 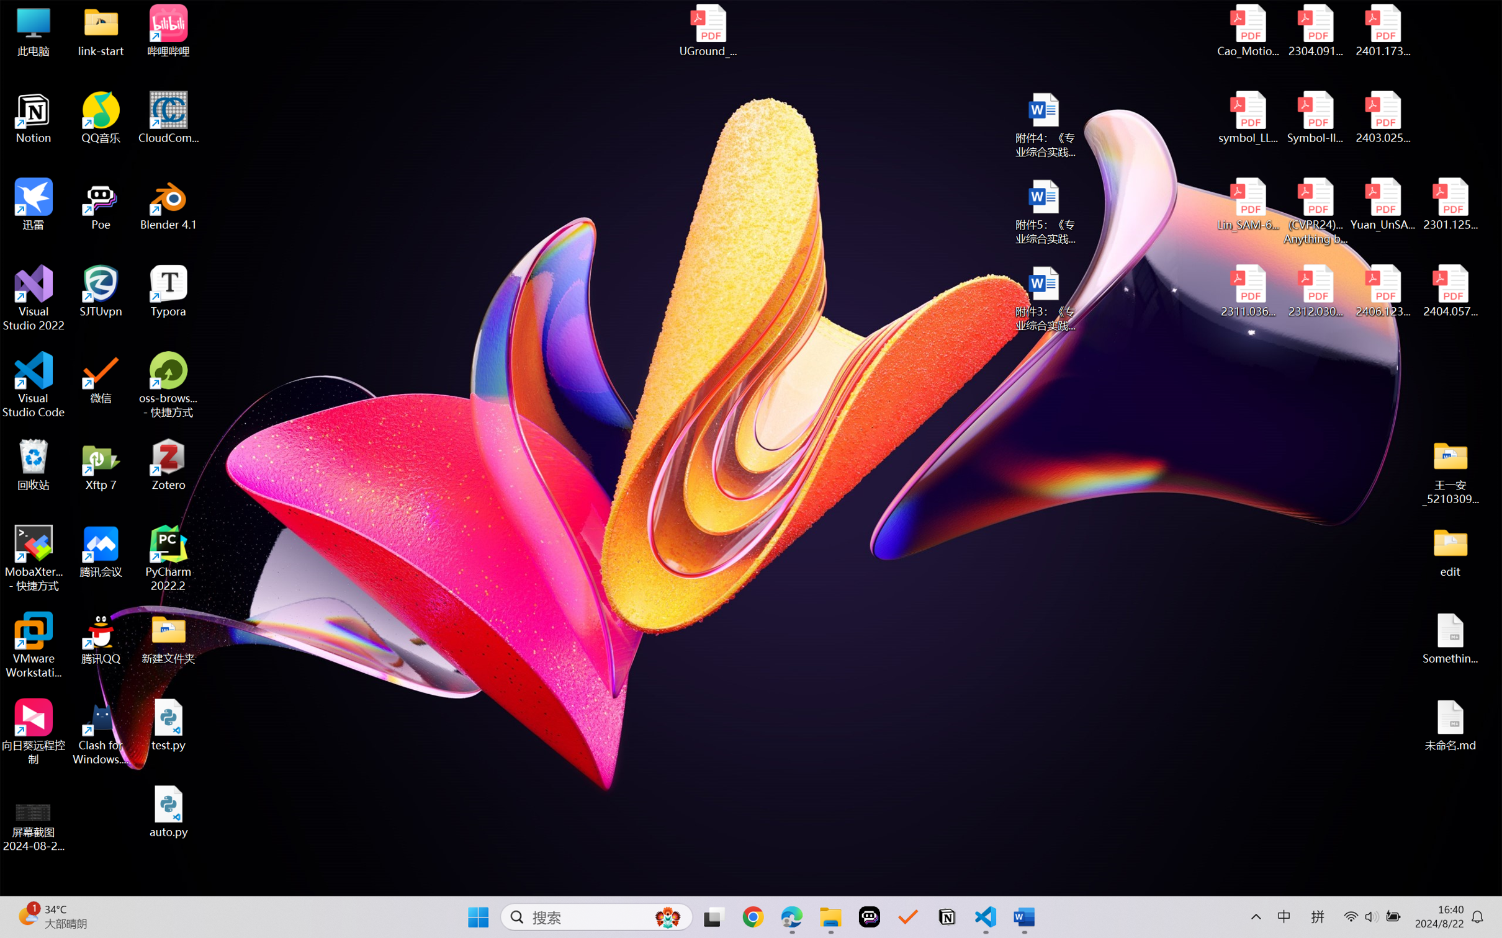 What do you see at coordinates (1382, 118) in the screenshot?
I see `'2403.02502v1.pdf'` at bounding box center [1382, 118].